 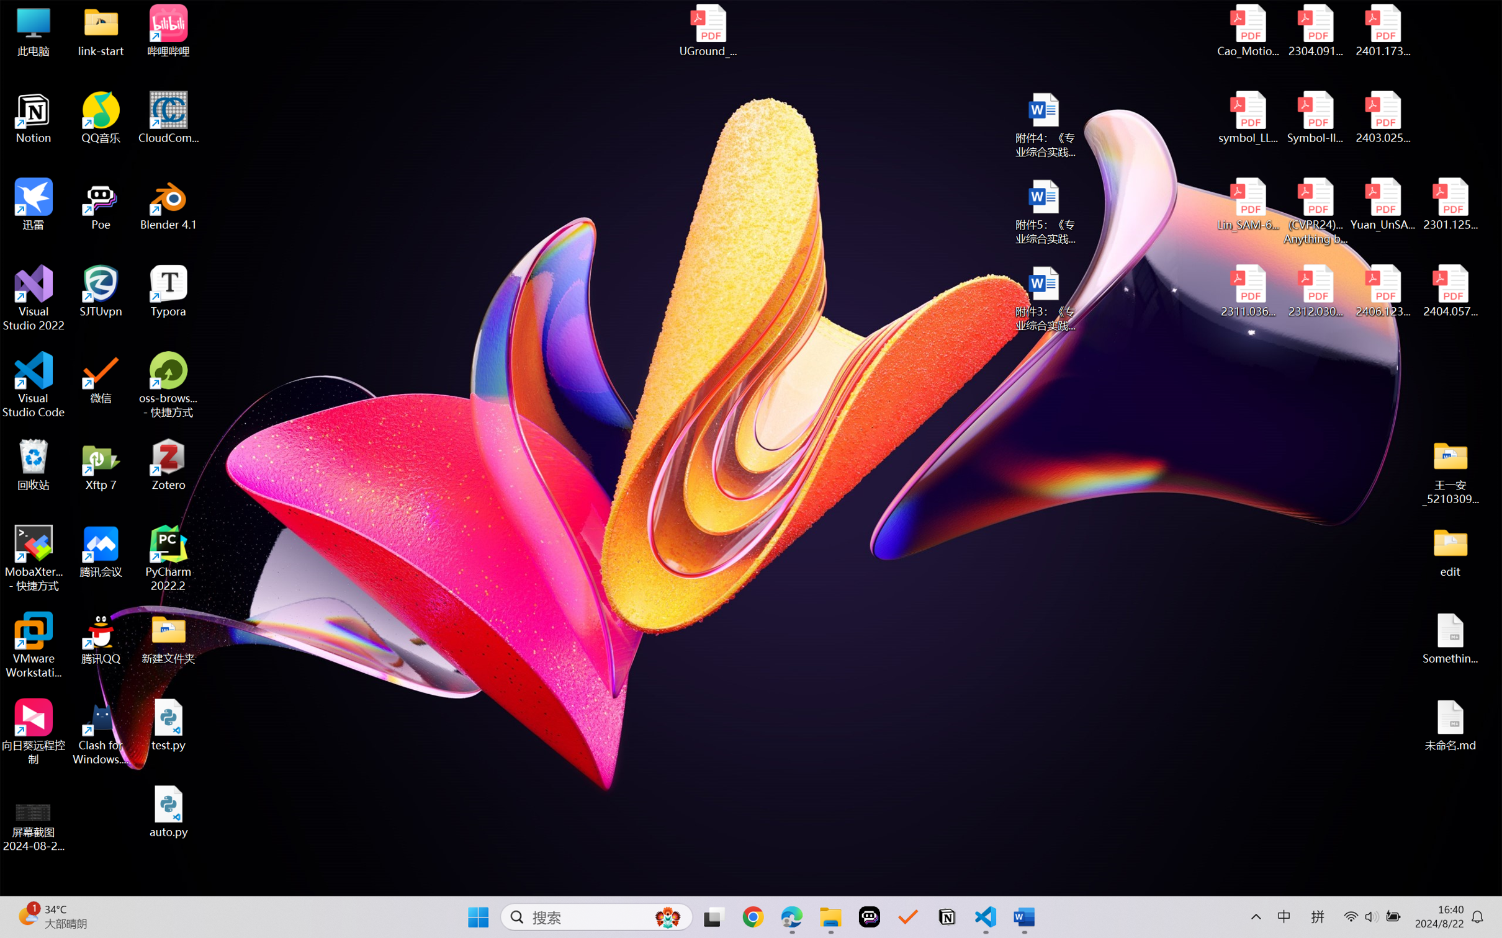 What do you see at coordinates (1382, 118) in the screenshot?
I see `'2403.02502v1.pdf'` at bounding box center [1382, 118].